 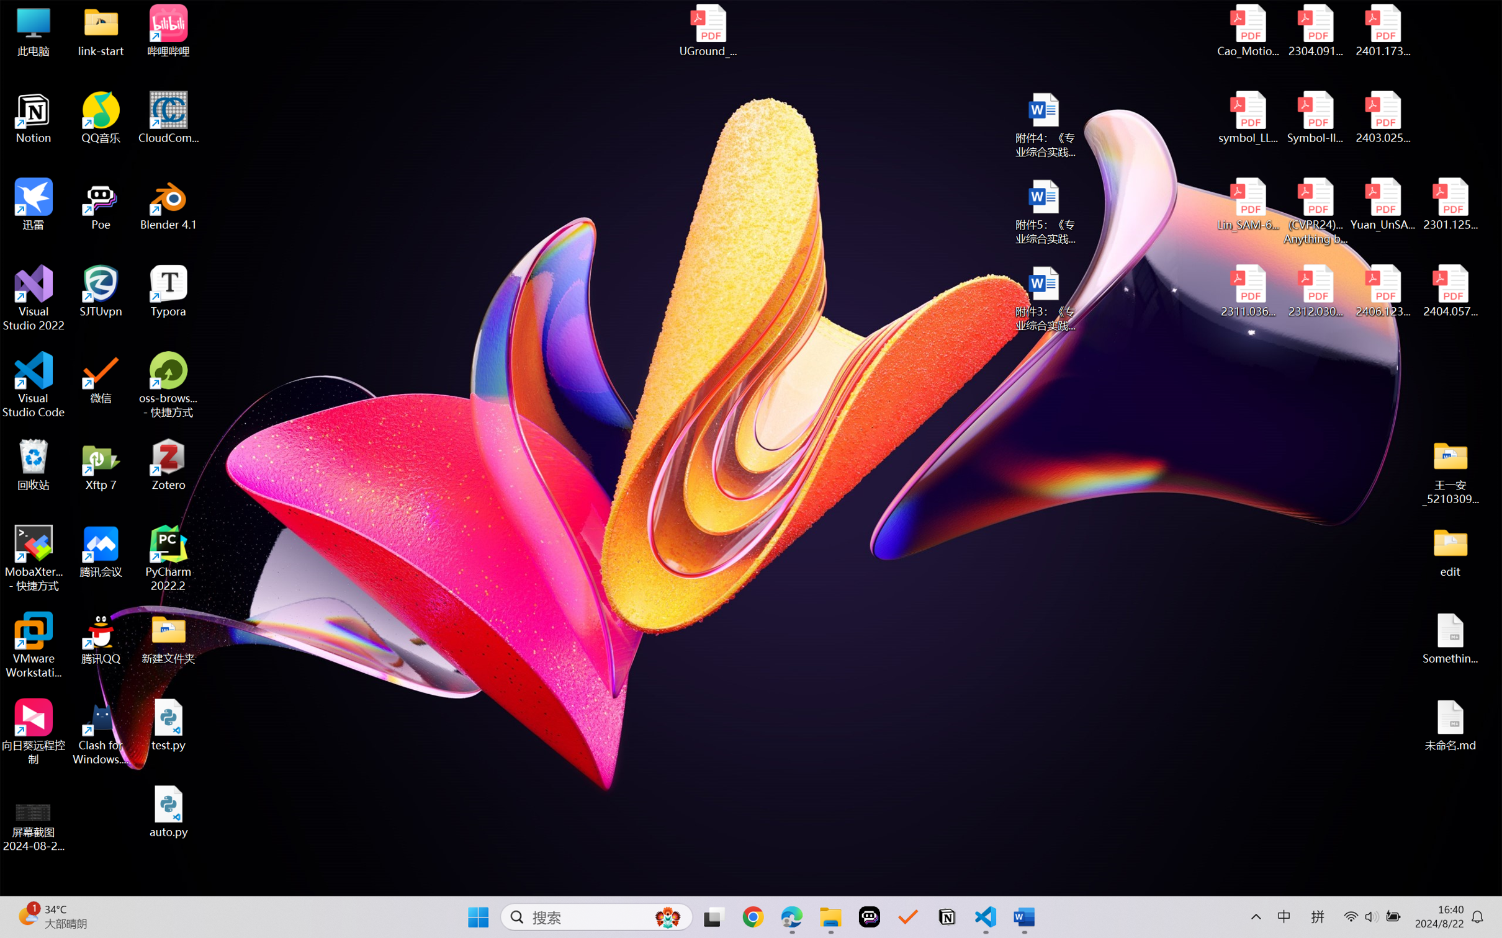 What do you see at coordinates (1382, 118) in the screenshot?
I see `'2403.02502v1.pdf'` at bounding box center [1382, 118].